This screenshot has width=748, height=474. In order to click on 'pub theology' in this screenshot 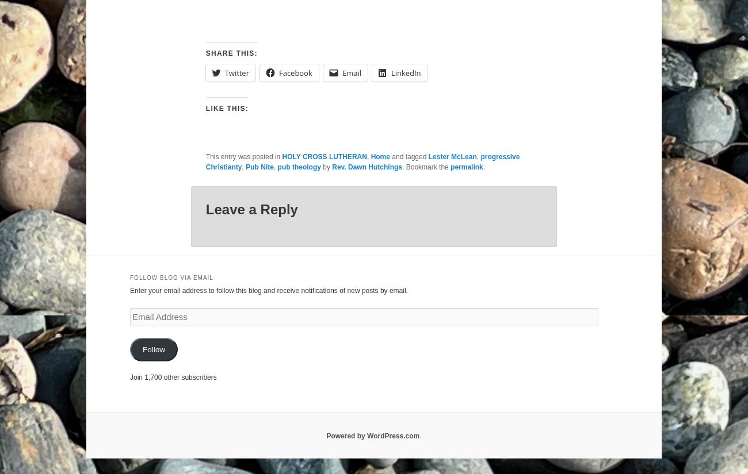, I will do `click(299, 166)`.